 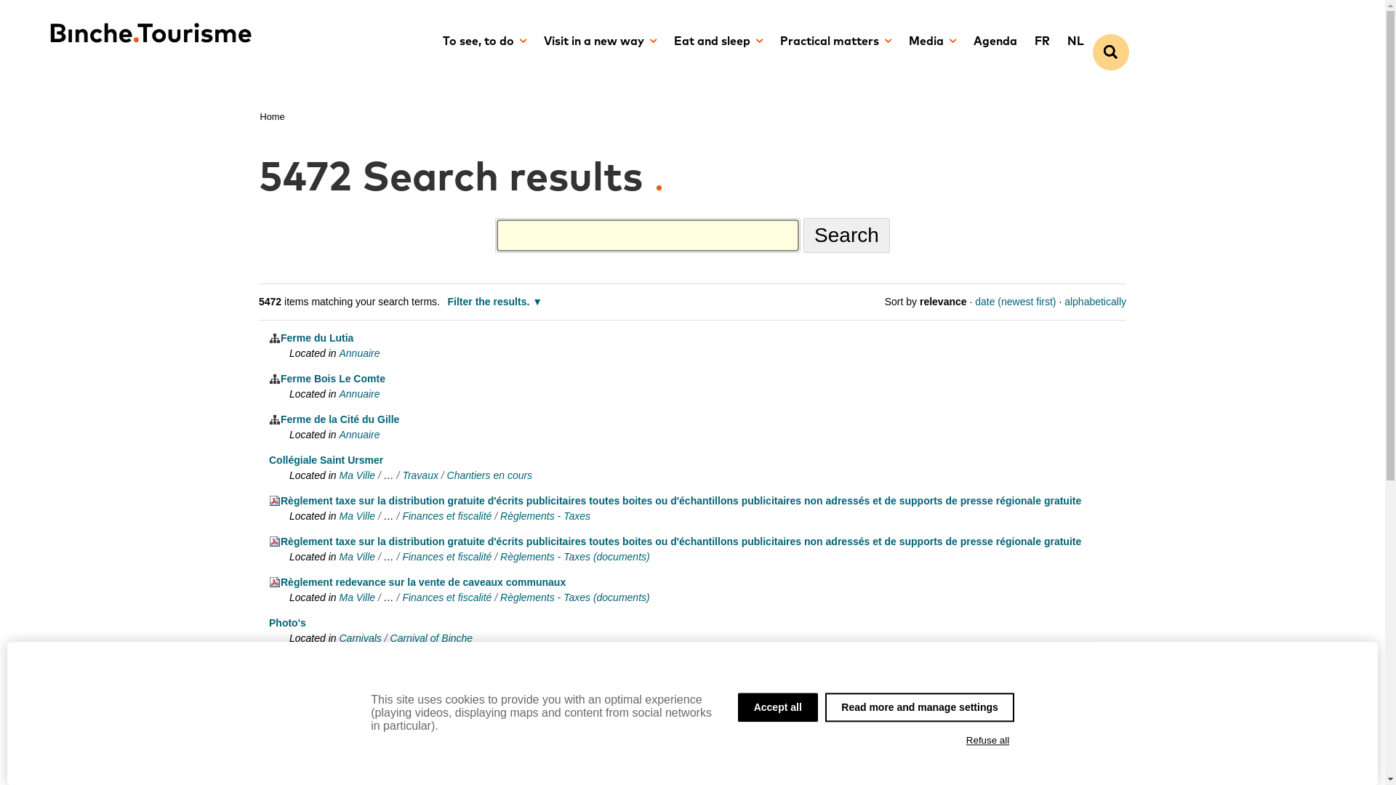 I want to click on 'Refuse all', so click(x=987, y=740).